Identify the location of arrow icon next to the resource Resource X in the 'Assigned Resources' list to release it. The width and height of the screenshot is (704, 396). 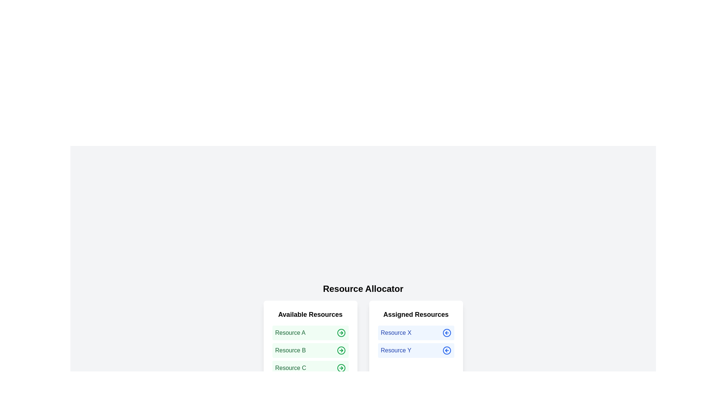
(446, 333).